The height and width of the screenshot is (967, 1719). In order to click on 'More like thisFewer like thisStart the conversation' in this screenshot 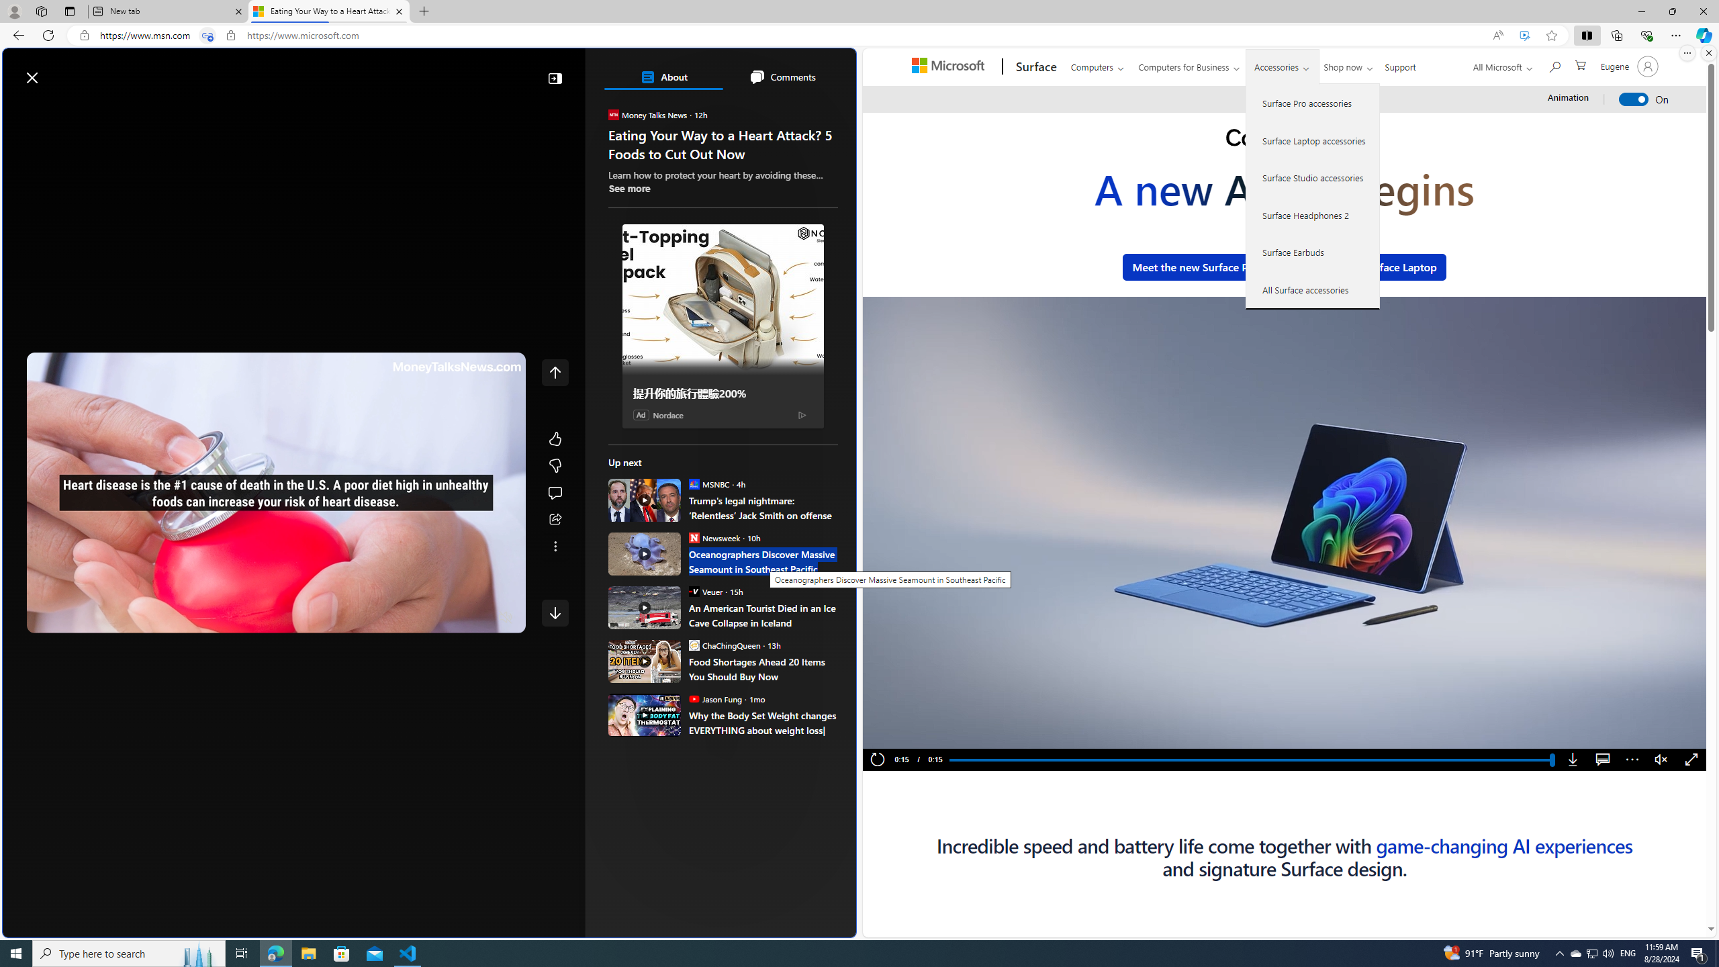, I will do `click(555, 465)`.